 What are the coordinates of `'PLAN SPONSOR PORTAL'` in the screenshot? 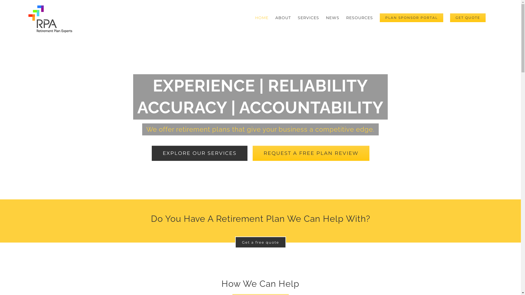 It's located at (412, 17).